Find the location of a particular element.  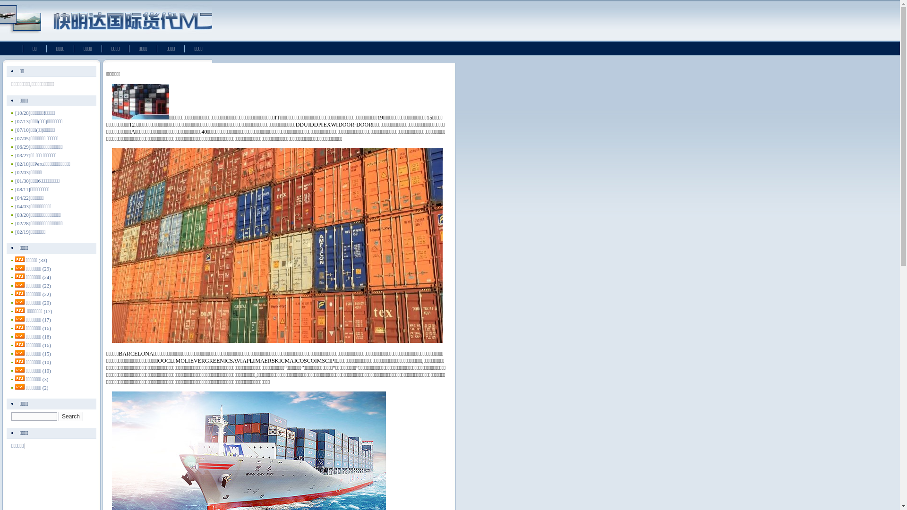

'rss' is located at coordinates (20, 386).